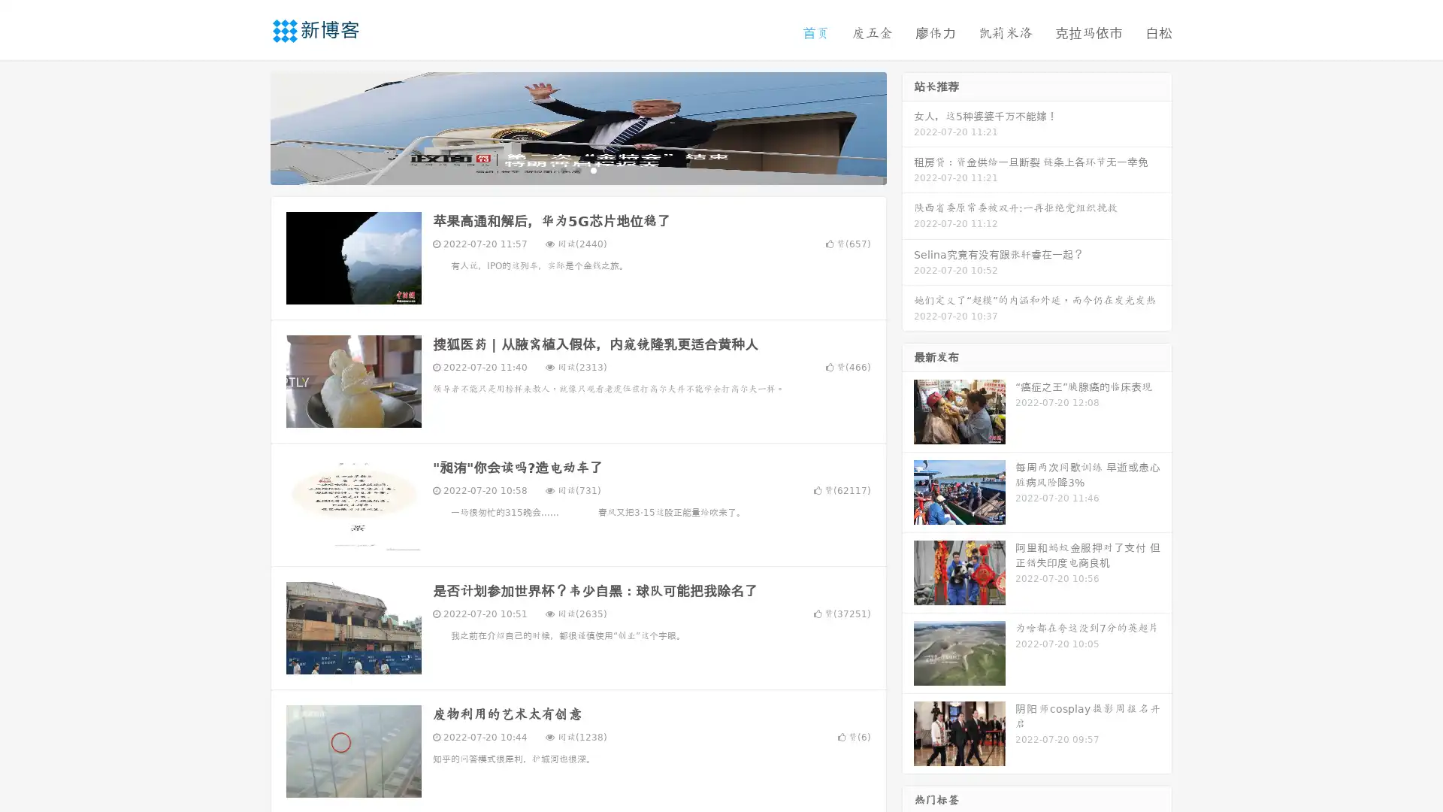 This screenshot has height=812, width=1443. Describe the element at coordinates (593, 169) in the screenshot. I see `Go to slide 3` at that location.